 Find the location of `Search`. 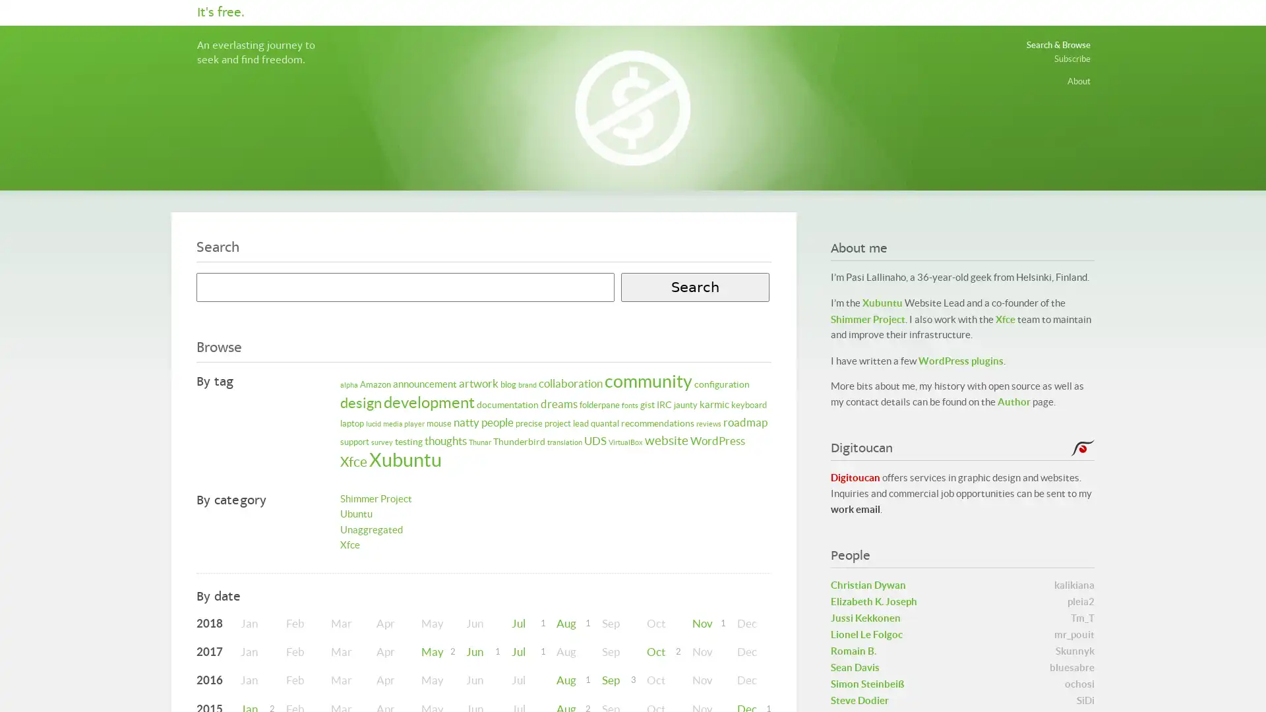

Search is located at coordinates (694, 286).